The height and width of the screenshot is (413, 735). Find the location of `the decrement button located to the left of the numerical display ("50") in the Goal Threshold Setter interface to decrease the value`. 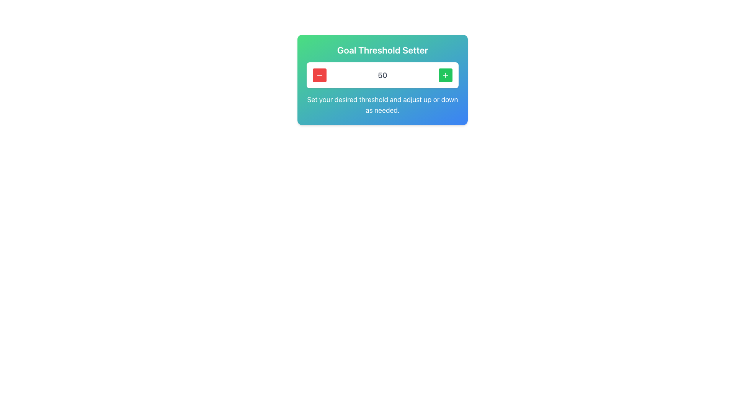

the decrement button located to the left of the numerical display ("50") in the Goal Threshold Setter interface to decrease the value is located at coordinates (320, 75).